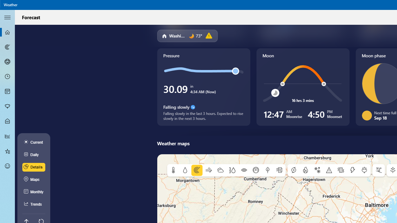 This screenshot has width=397, height=223. What do you see at coordinates (7, 77) in the screenshot?
I see `'Hourly Forecast - Not Selected'` at bounding box center [7, 77].